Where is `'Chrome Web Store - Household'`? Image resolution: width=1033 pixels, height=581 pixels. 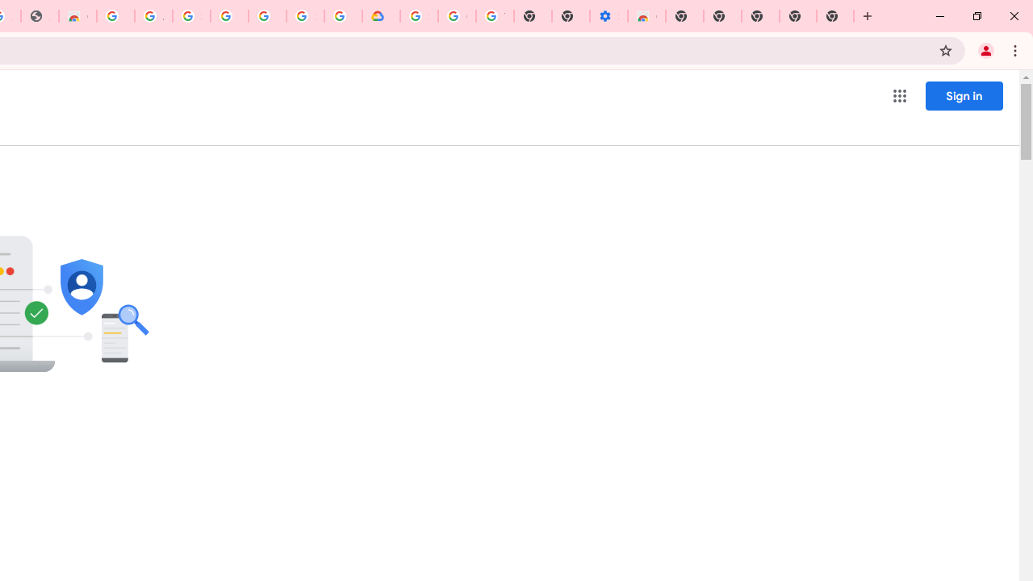 'Chrome Web Store - Household' is located at coordinates (77, 16).